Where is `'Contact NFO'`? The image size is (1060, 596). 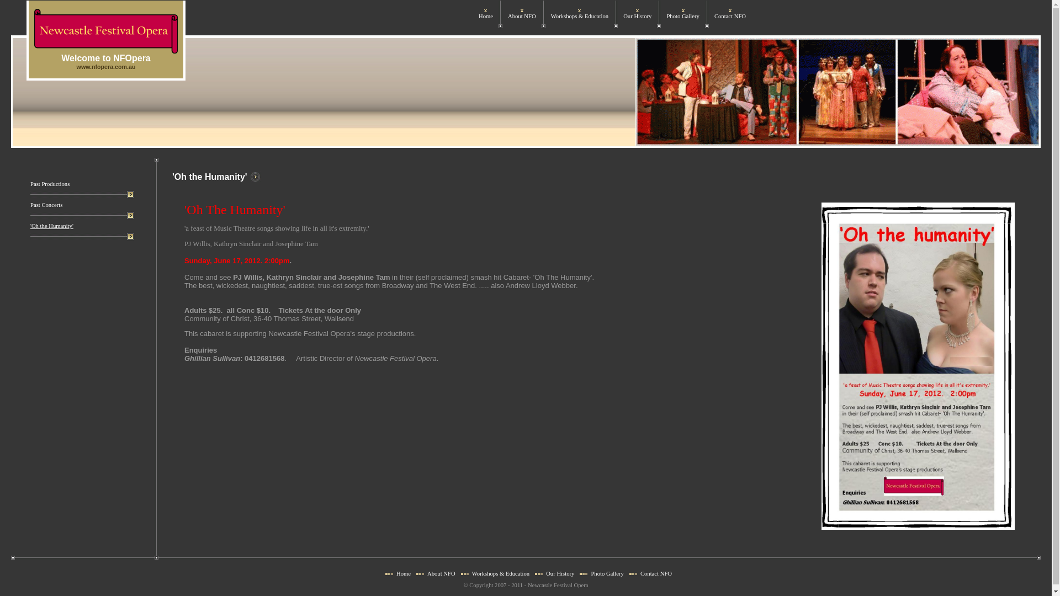 'Contact NFO' is located at coordinates (730, 17).